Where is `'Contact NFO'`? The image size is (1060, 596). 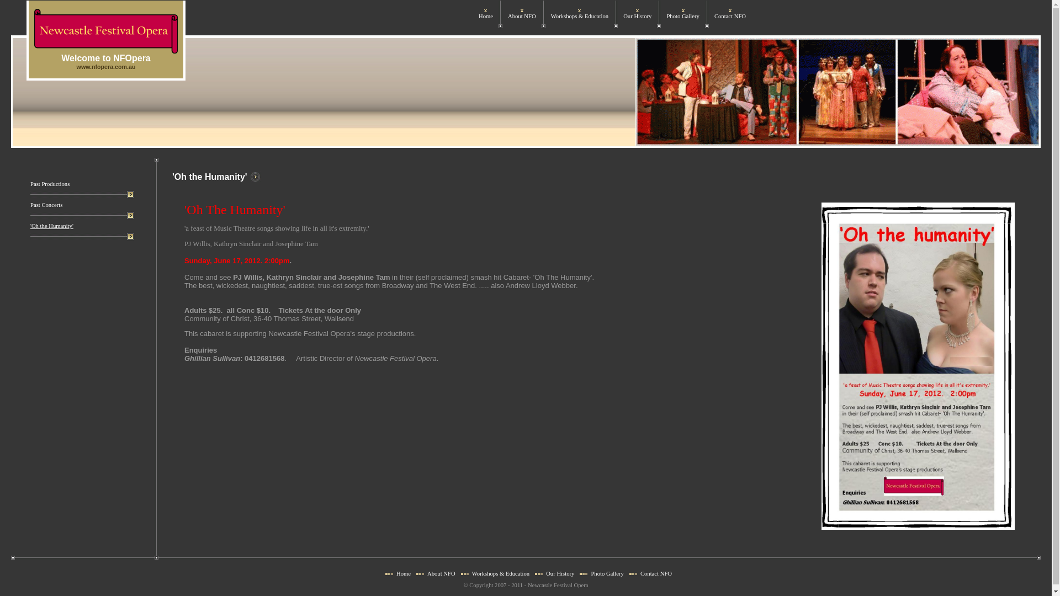 'Contact NFO' is located at coordinates (730, 17).